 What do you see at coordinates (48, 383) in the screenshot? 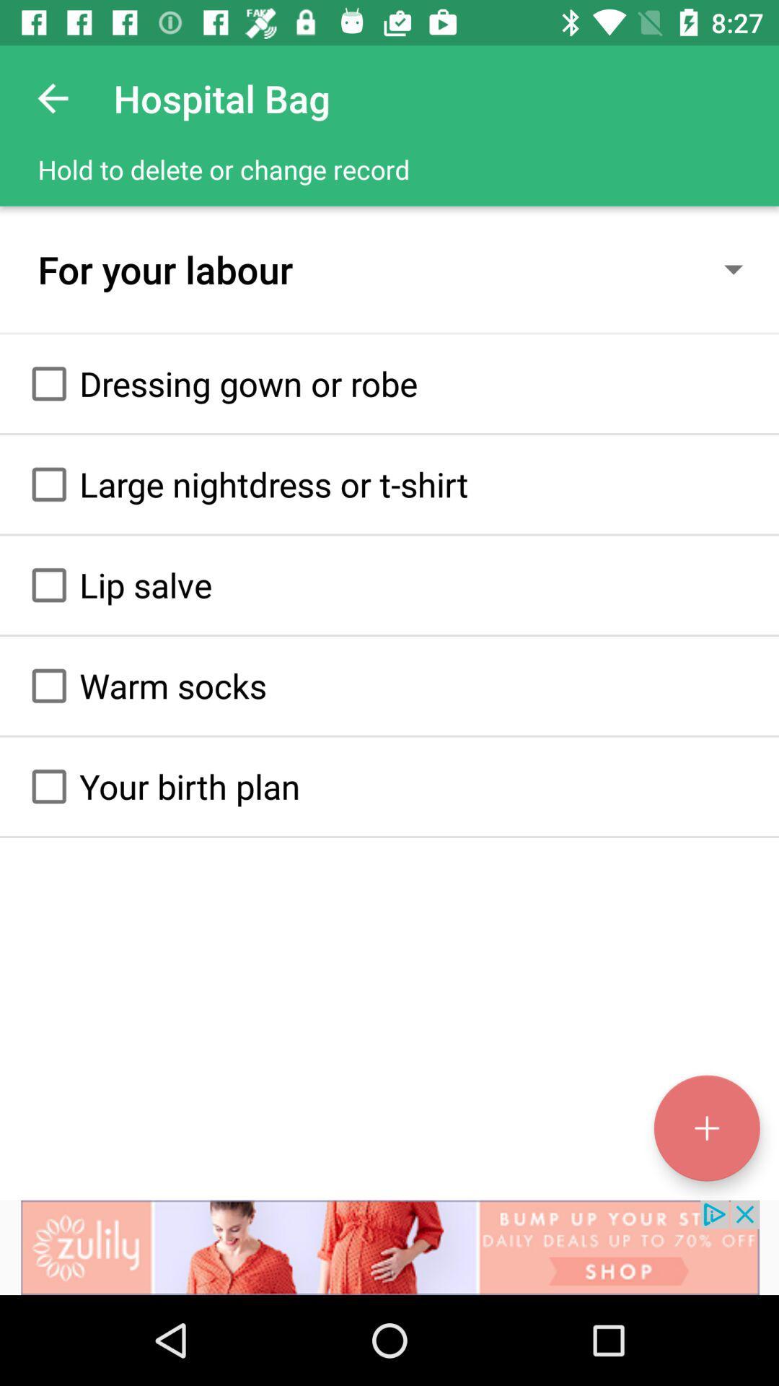
I see `option` at bounding box center [48, 383].